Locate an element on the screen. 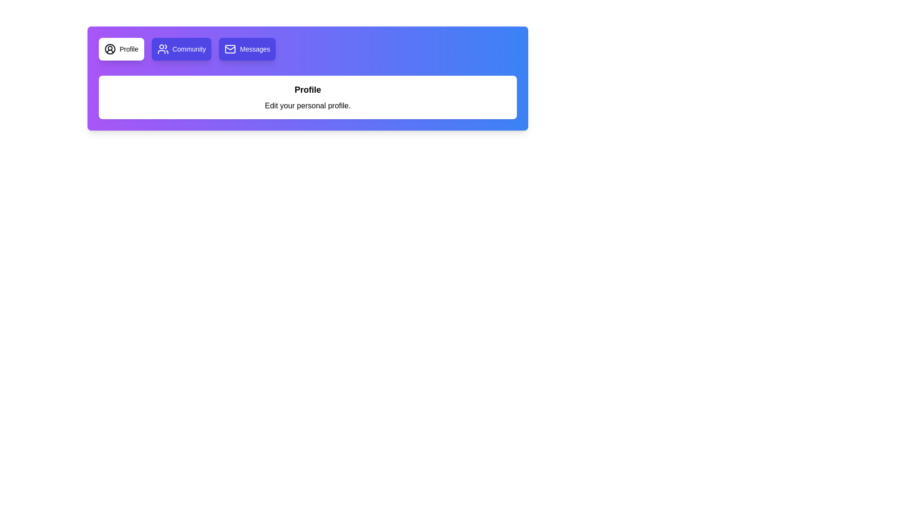 Image resolution: width=908 pixels, height=511 pixels. the tab labeled Messages to view its content is located at coordinates (247, 49).